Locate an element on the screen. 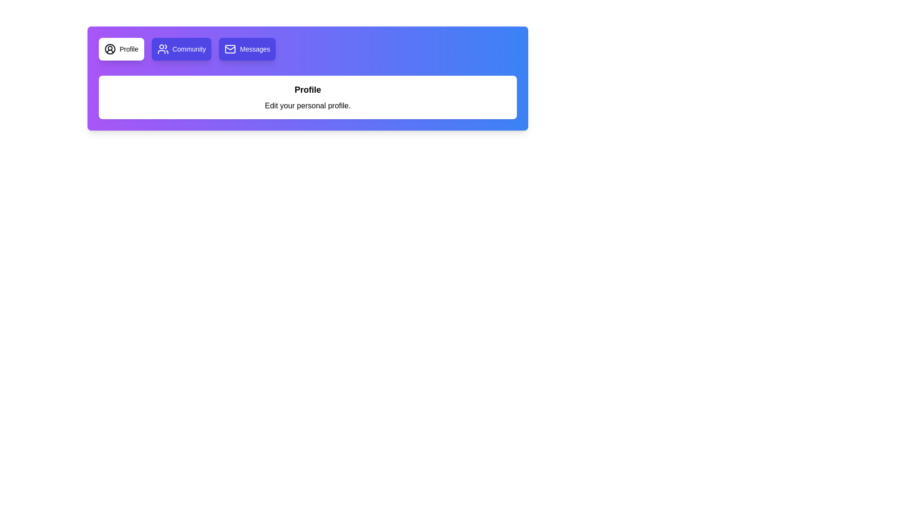 Image resolution: width=908 pixels, height=511 pixels. the tab labeled Messages to view its content is located at coordinates (247, 49).